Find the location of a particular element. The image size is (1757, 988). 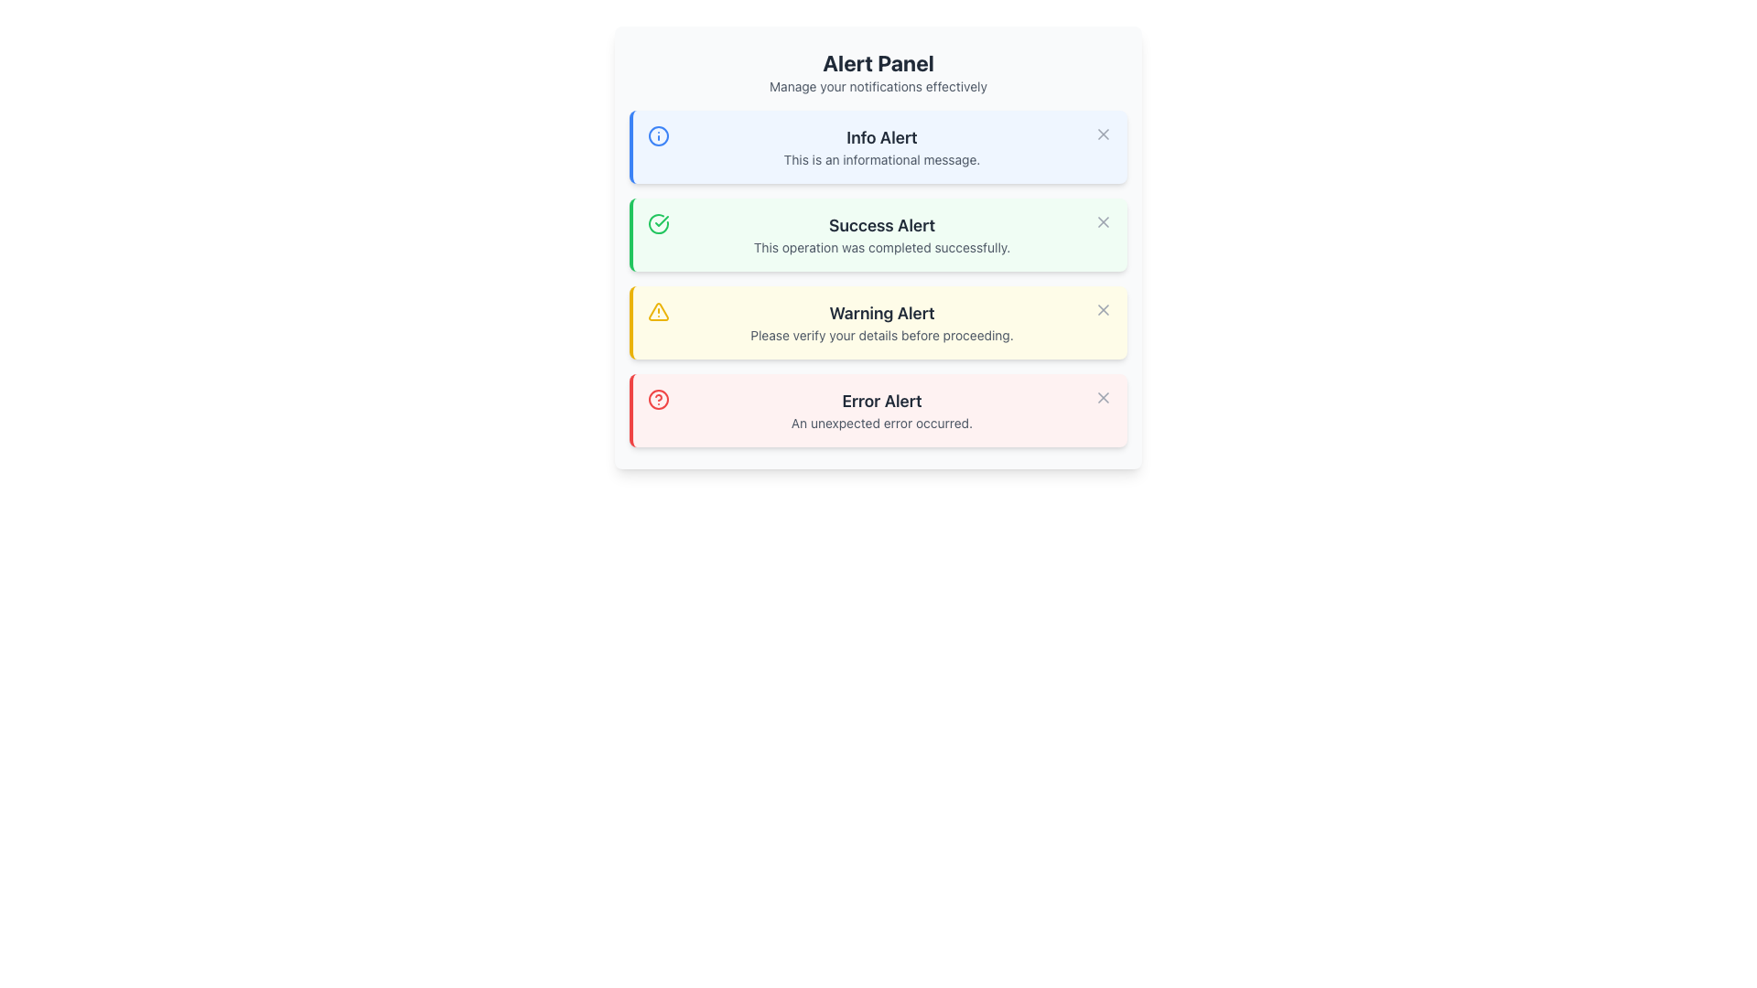

the close icon located at the top-right corner of the green 'Success Alert' box is located at coordinates (1102, 221).